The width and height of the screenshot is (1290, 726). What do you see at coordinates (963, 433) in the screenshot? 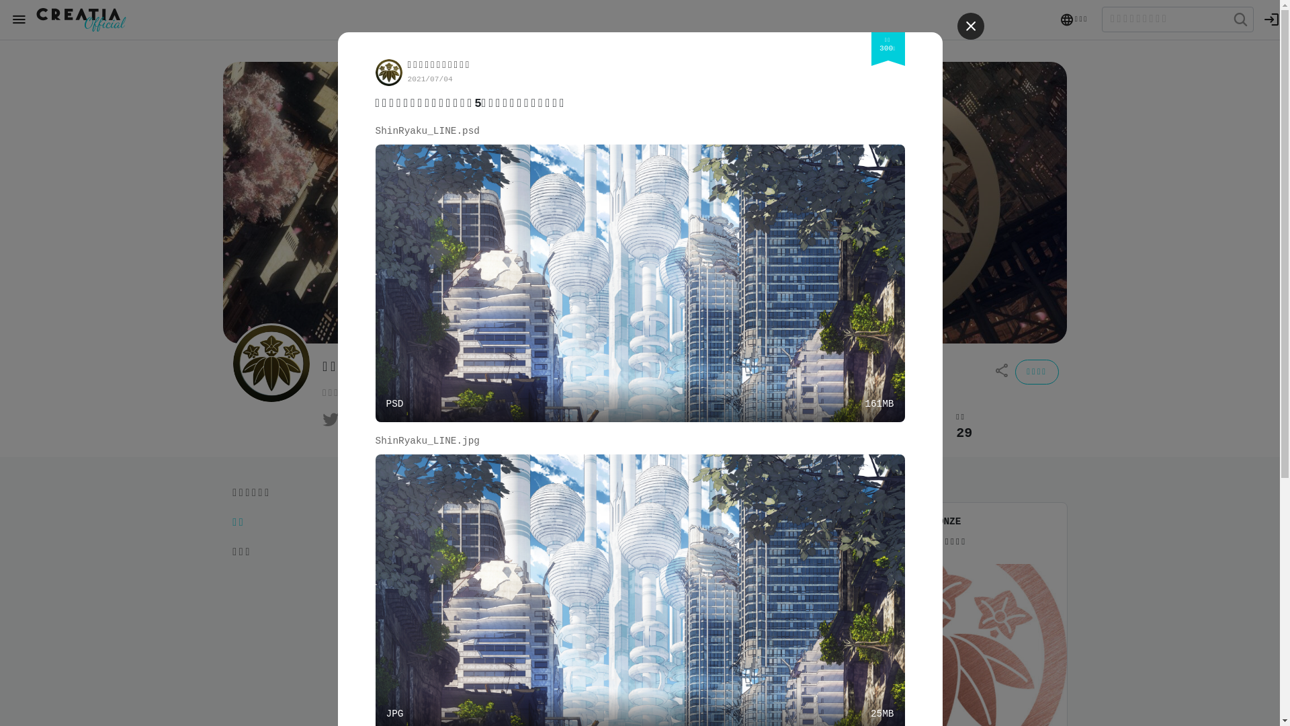
I see `'29'` at bounding box center [963, 433].